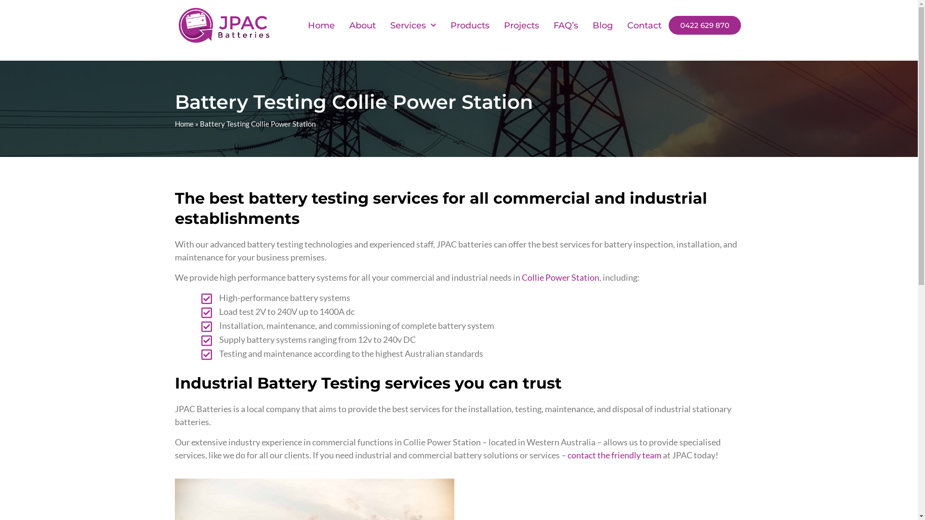 The height and width of the screenshot is (520, 925). Describe the element at coordinates (470, 25) in the screenshot. I see `'Products'` at that location.